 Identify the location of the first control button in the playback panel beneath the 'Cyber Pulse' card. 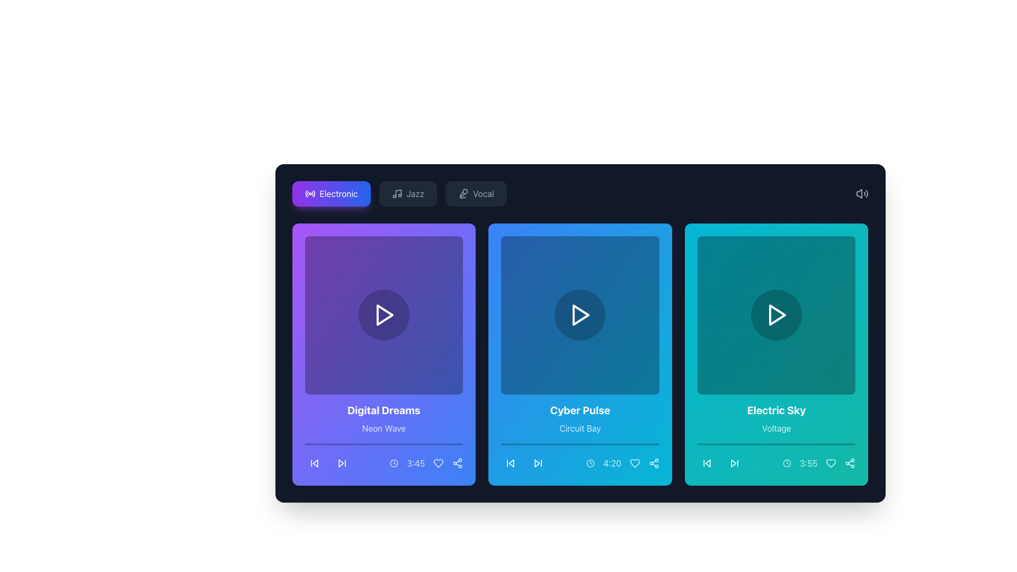
(511, 462).